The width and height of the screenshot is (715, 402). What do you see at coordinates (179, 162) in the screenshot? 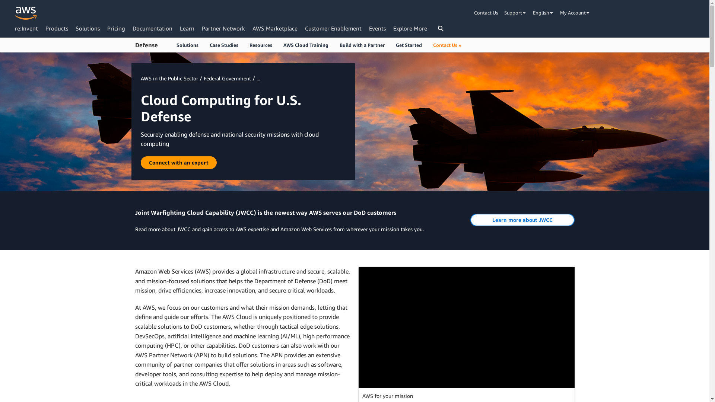
I see `'Connect with an expert'` at bounding box center [179, 162].